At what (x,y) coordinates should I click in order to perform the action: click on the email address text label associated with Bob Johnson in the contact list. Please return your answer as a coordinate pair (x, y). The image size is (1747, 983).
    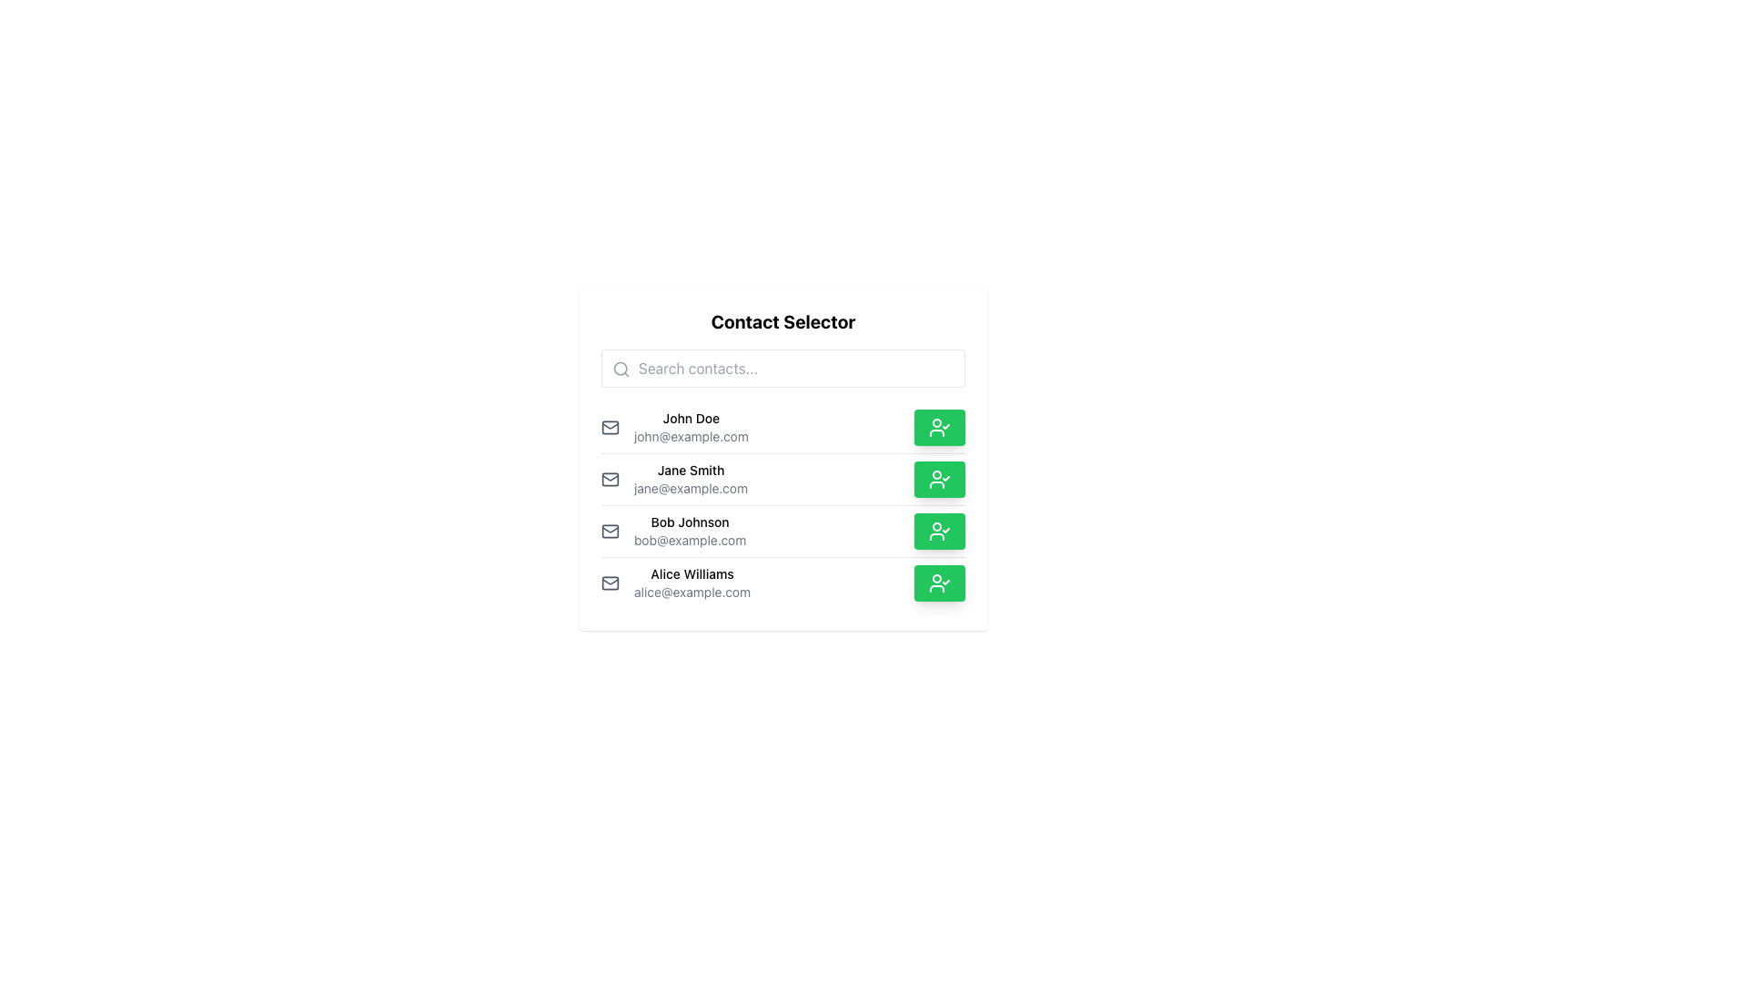
    Looking at the image, I should click on (689, 540).